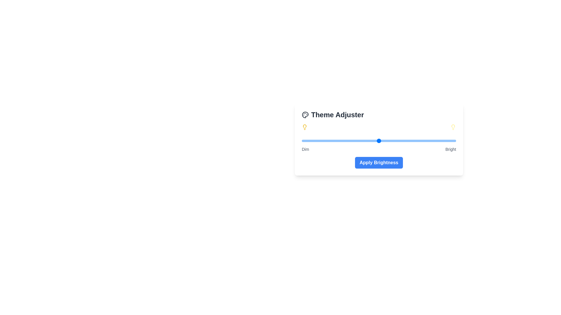 The width and height of the screenshot is (561, 315). What do you see at coordinates (347, 141) in the screenshot?
I see `the brightness slider to 29%` at bounding box center [347, 141].